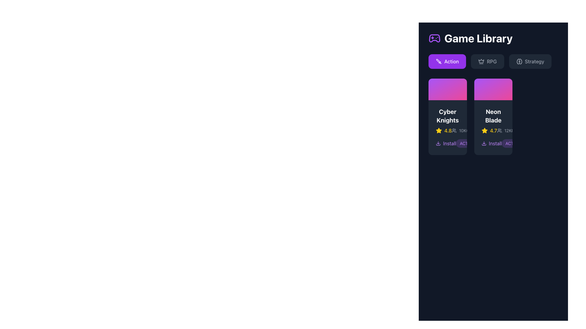  What do you see at coordinates (493, 38) in the screenshot?
I see `heading element located at the top section of the interface, which serves as a title or heading for the content displayed` at bounding box center [493, 38].